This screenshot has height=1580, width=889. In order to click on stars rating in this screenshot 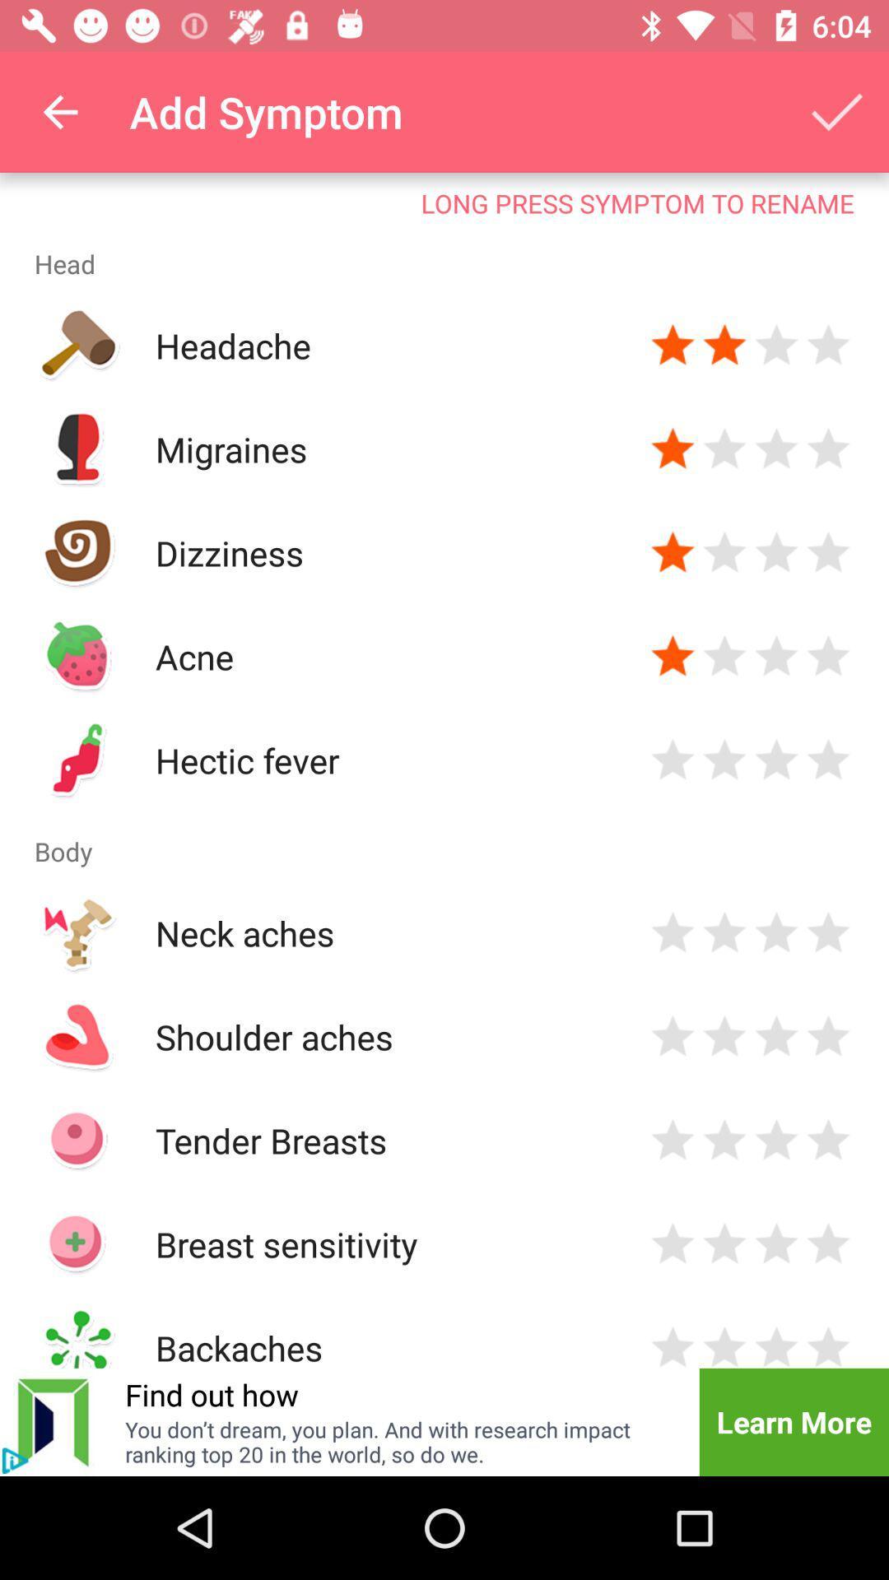, I will do `click(776, 1140)`.